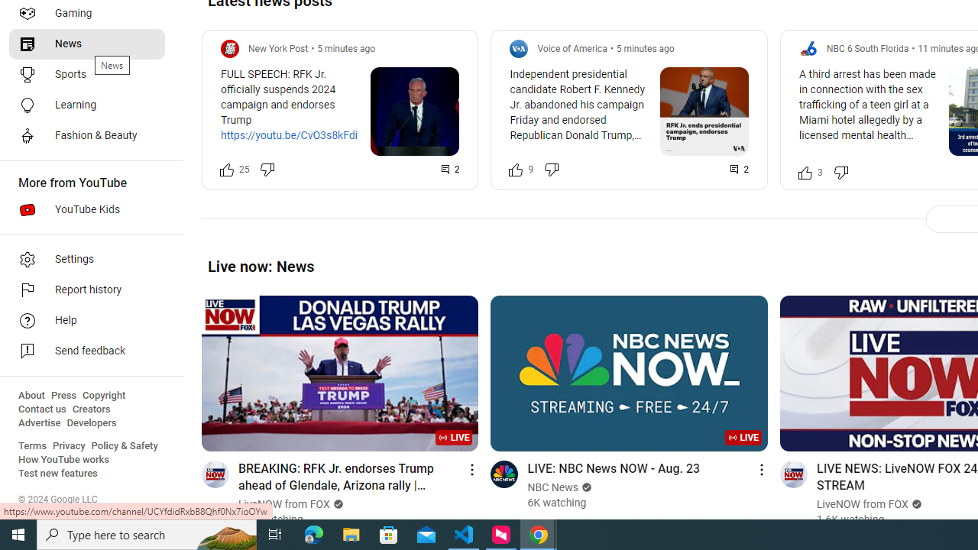  Describe the element at coordinates (278, 47) in the screenshot. I see `'New York Post'` at that location.